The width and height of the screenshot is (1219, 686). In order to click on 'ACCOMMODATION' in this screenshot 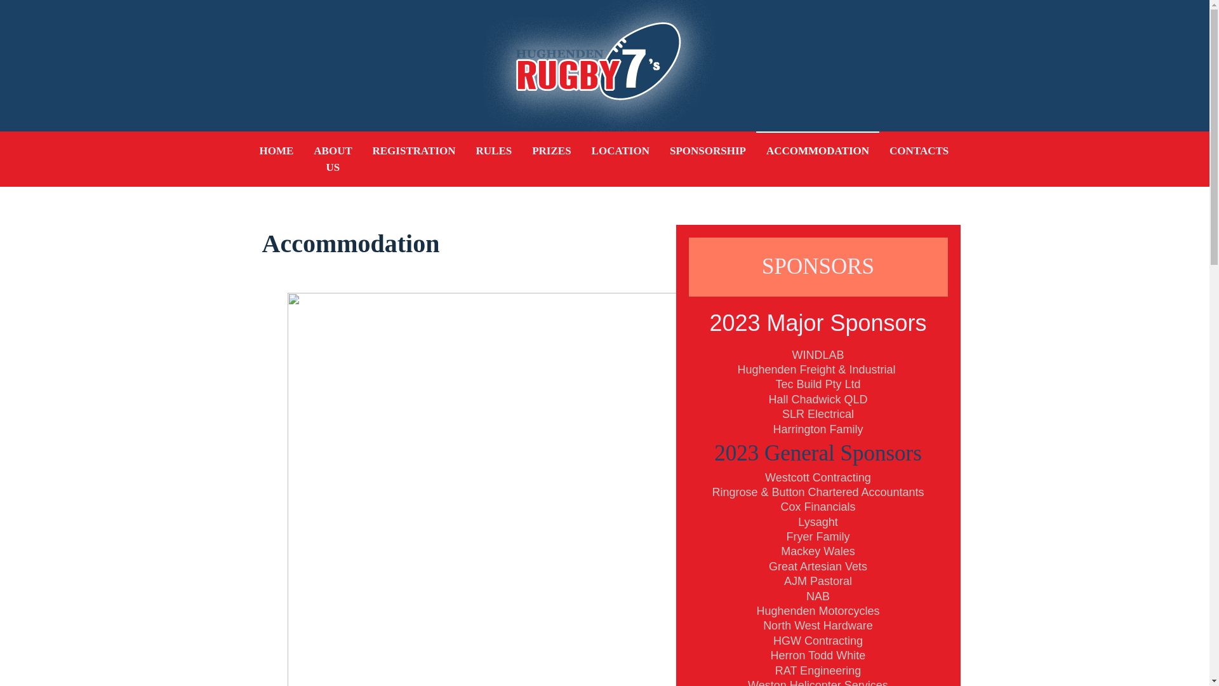, I will do `click(817, 151)`.